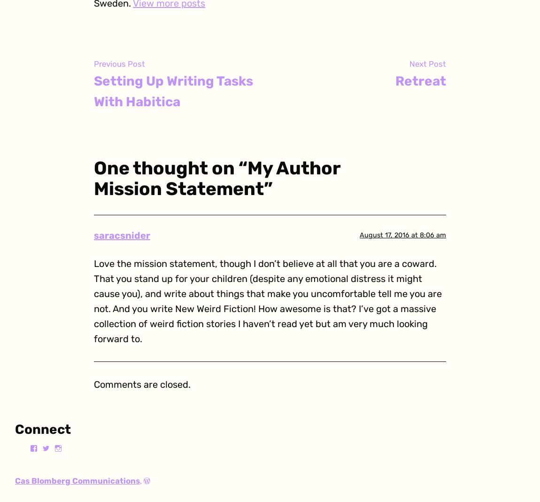  What do you see at coordinates (268, 301) in the screenshot?
I see `'Love the mission statement, though I don’t believe at all that you are a coward. That you stand up for your children (despite any emotional distress it might cause you), and write about things that make you uncomfortable tell me you are not. And you write New Weird Fiction! How awesome is that? I’ve got a massive collection of weird fiction stories I haven’t read yet but am very much looking forward to.'` at bounding box center [268, 301].